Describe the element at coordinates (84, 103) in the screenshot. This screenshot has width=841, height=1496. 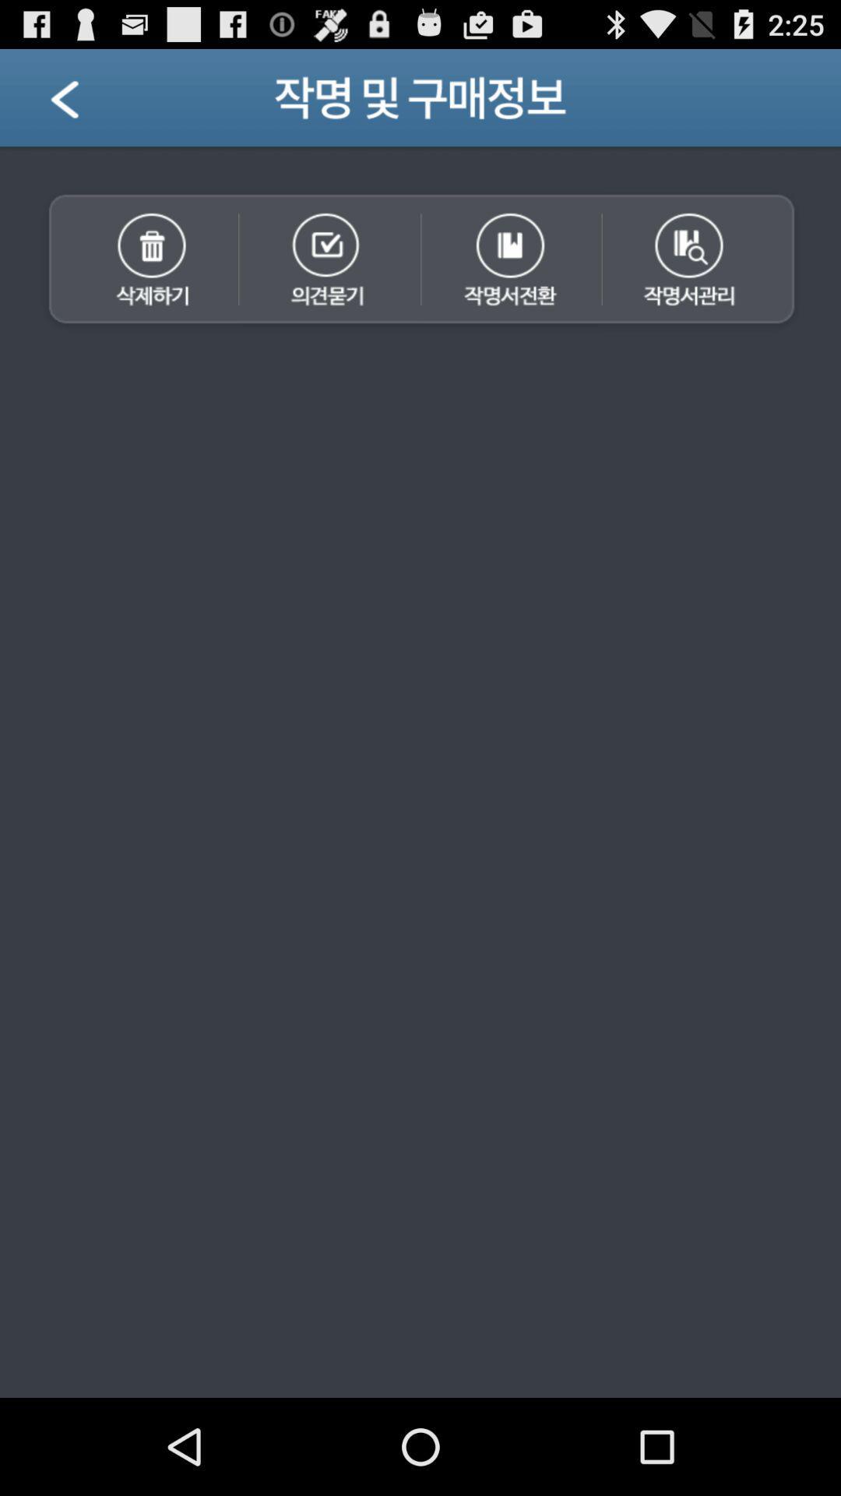
I see `user profile` at that location.